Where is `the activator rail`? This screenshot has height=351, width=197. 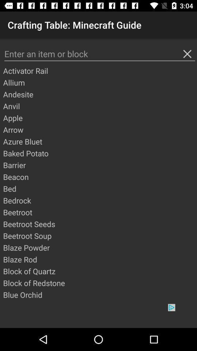 the activator rail is located at coordinates (99, 71).